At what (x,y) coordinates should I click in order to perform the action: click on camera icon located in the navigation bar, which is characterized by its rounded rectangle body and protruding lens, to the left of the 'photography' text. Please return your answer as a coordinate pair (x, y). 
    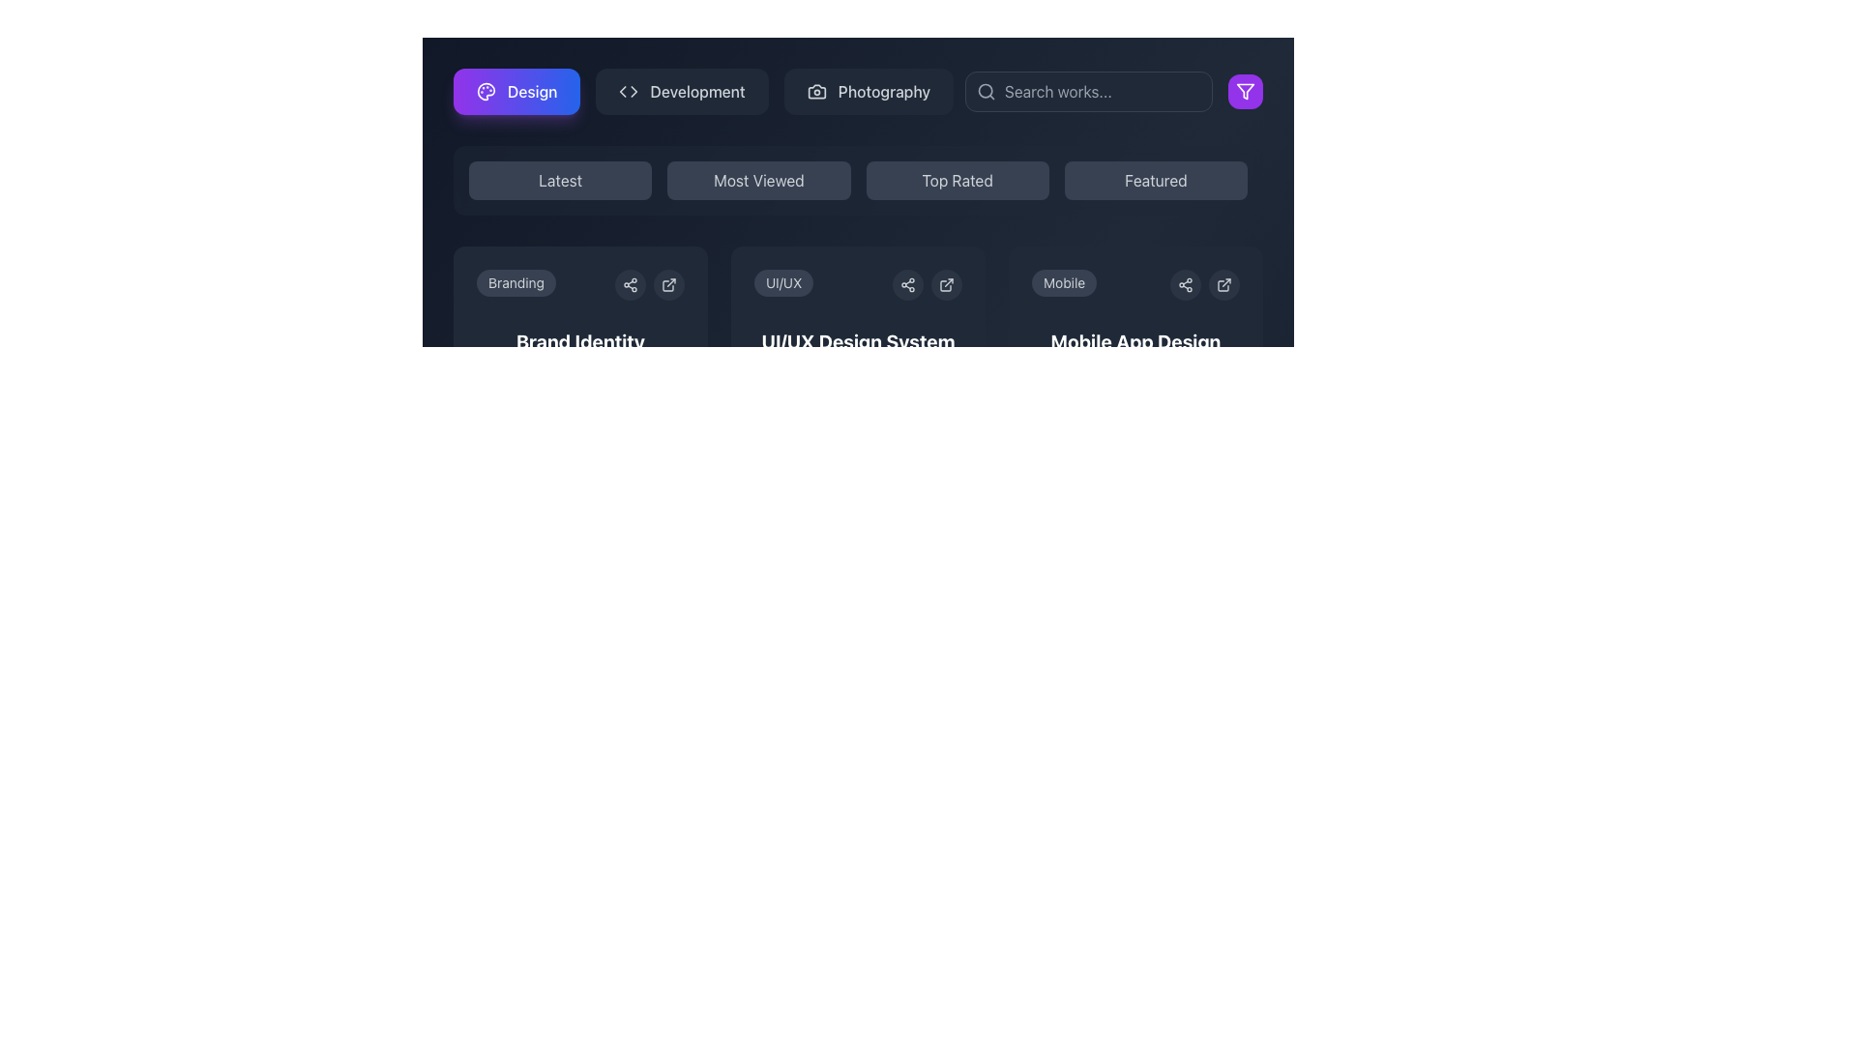
    Looking at the image, I should click on (816, 92).